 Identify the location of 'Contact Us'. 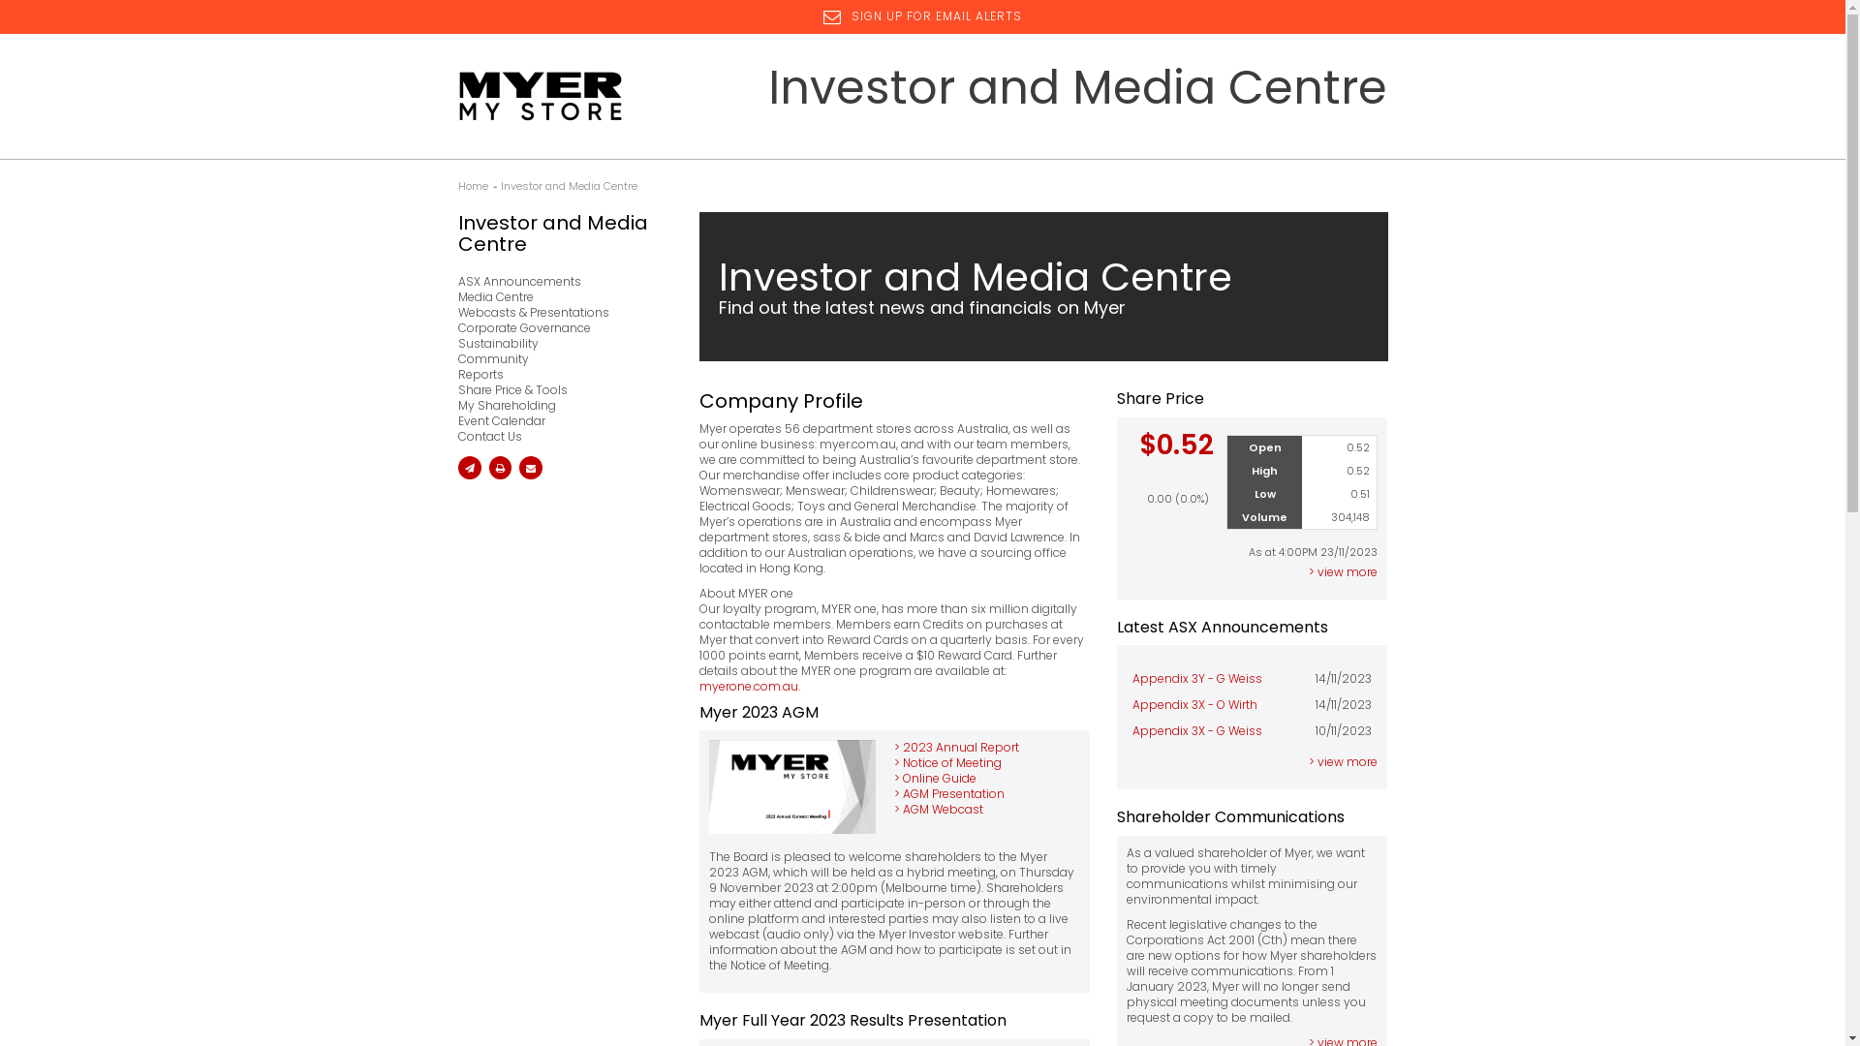
(558, 437).